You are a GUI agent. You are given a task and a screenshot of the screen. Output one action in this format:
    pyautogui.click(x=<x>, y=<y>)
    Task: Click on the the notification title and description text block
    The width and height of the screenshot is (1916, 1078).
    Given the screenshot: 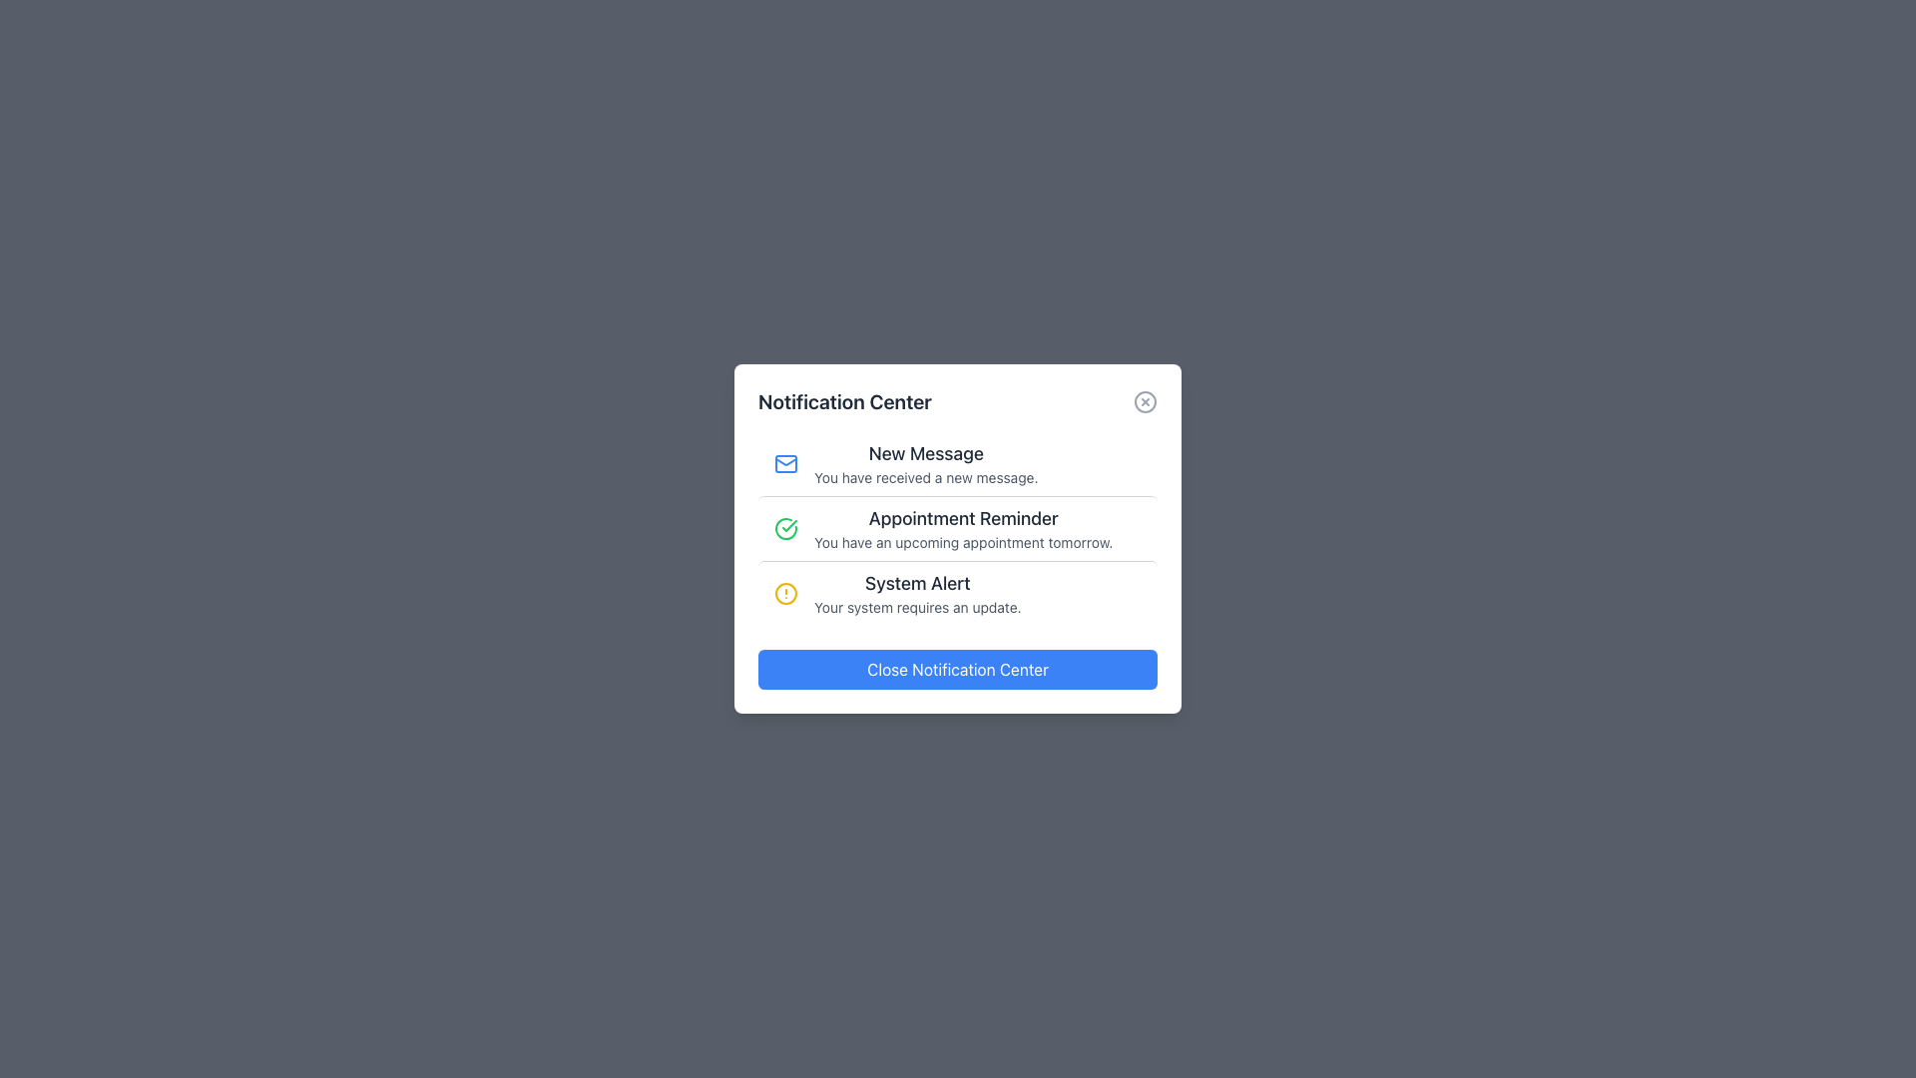 What is the action you would take?
    pyautogui.click(x=925, y=464)
    